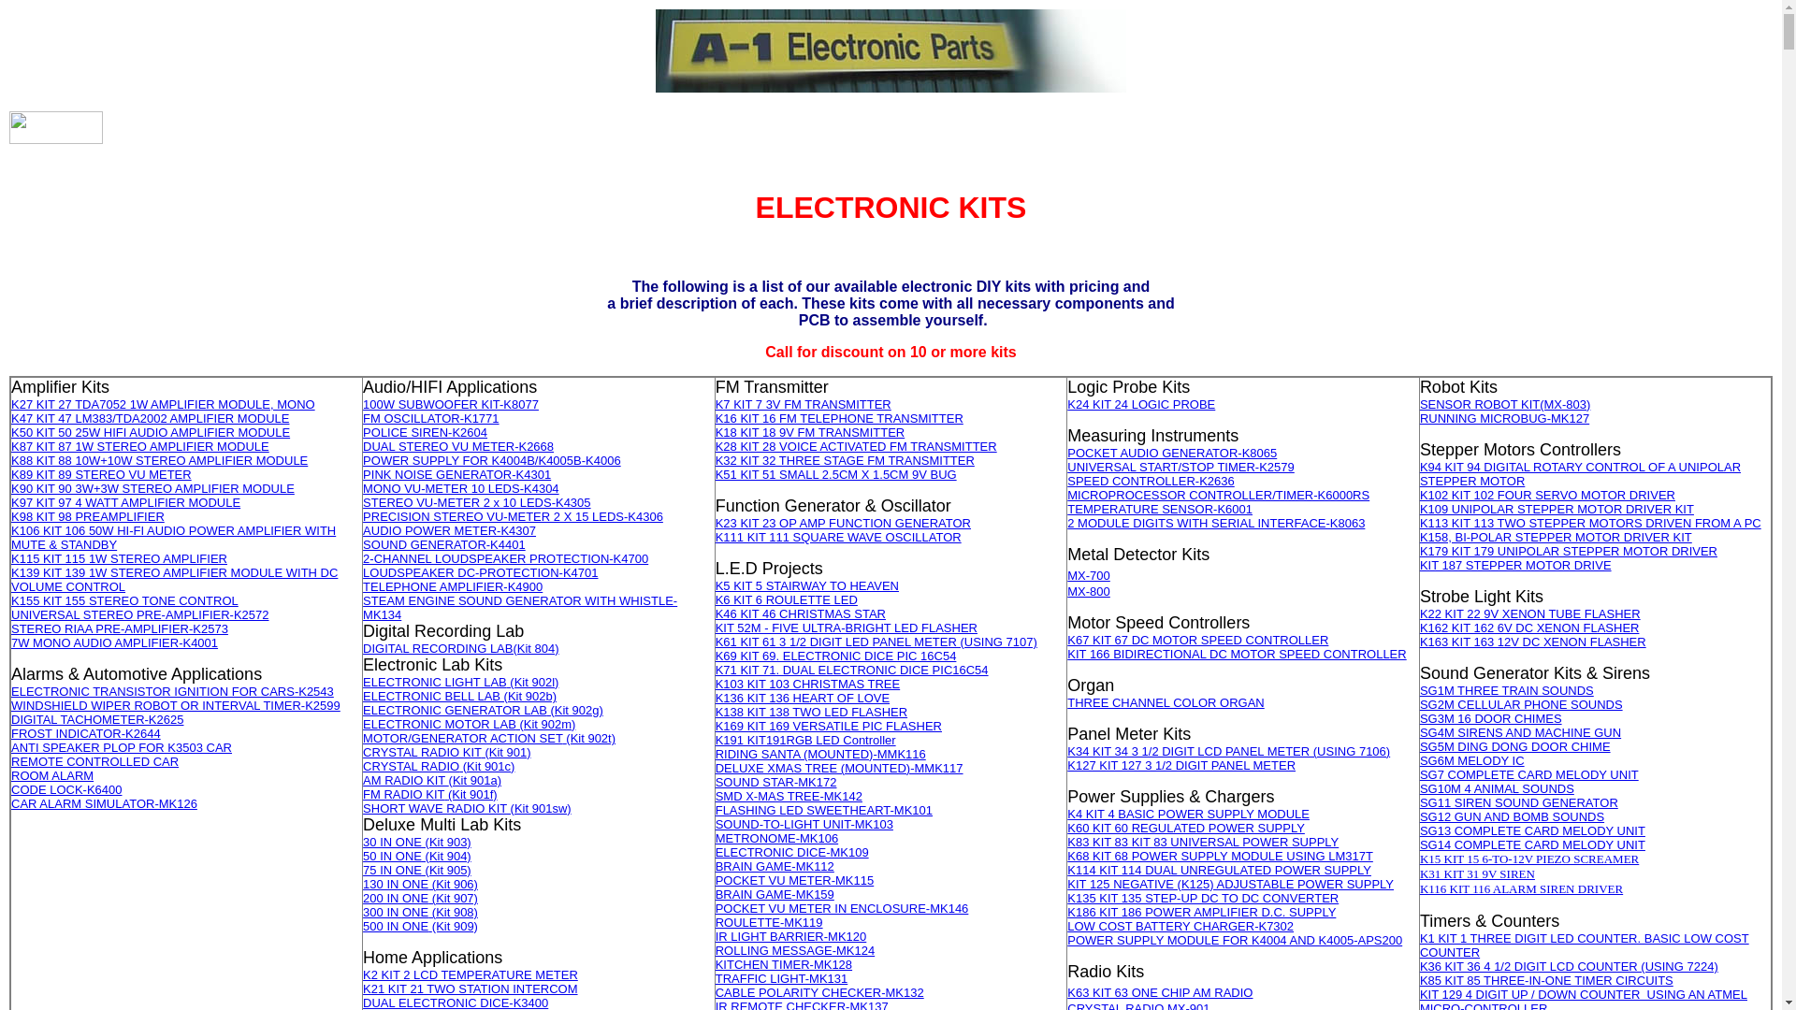  What do you see at coordinates (471, 974) in the screenshot?
I see `'K2 KIT 2 LCD TEMPERATURE METER'` at bounding box center [471, 974].